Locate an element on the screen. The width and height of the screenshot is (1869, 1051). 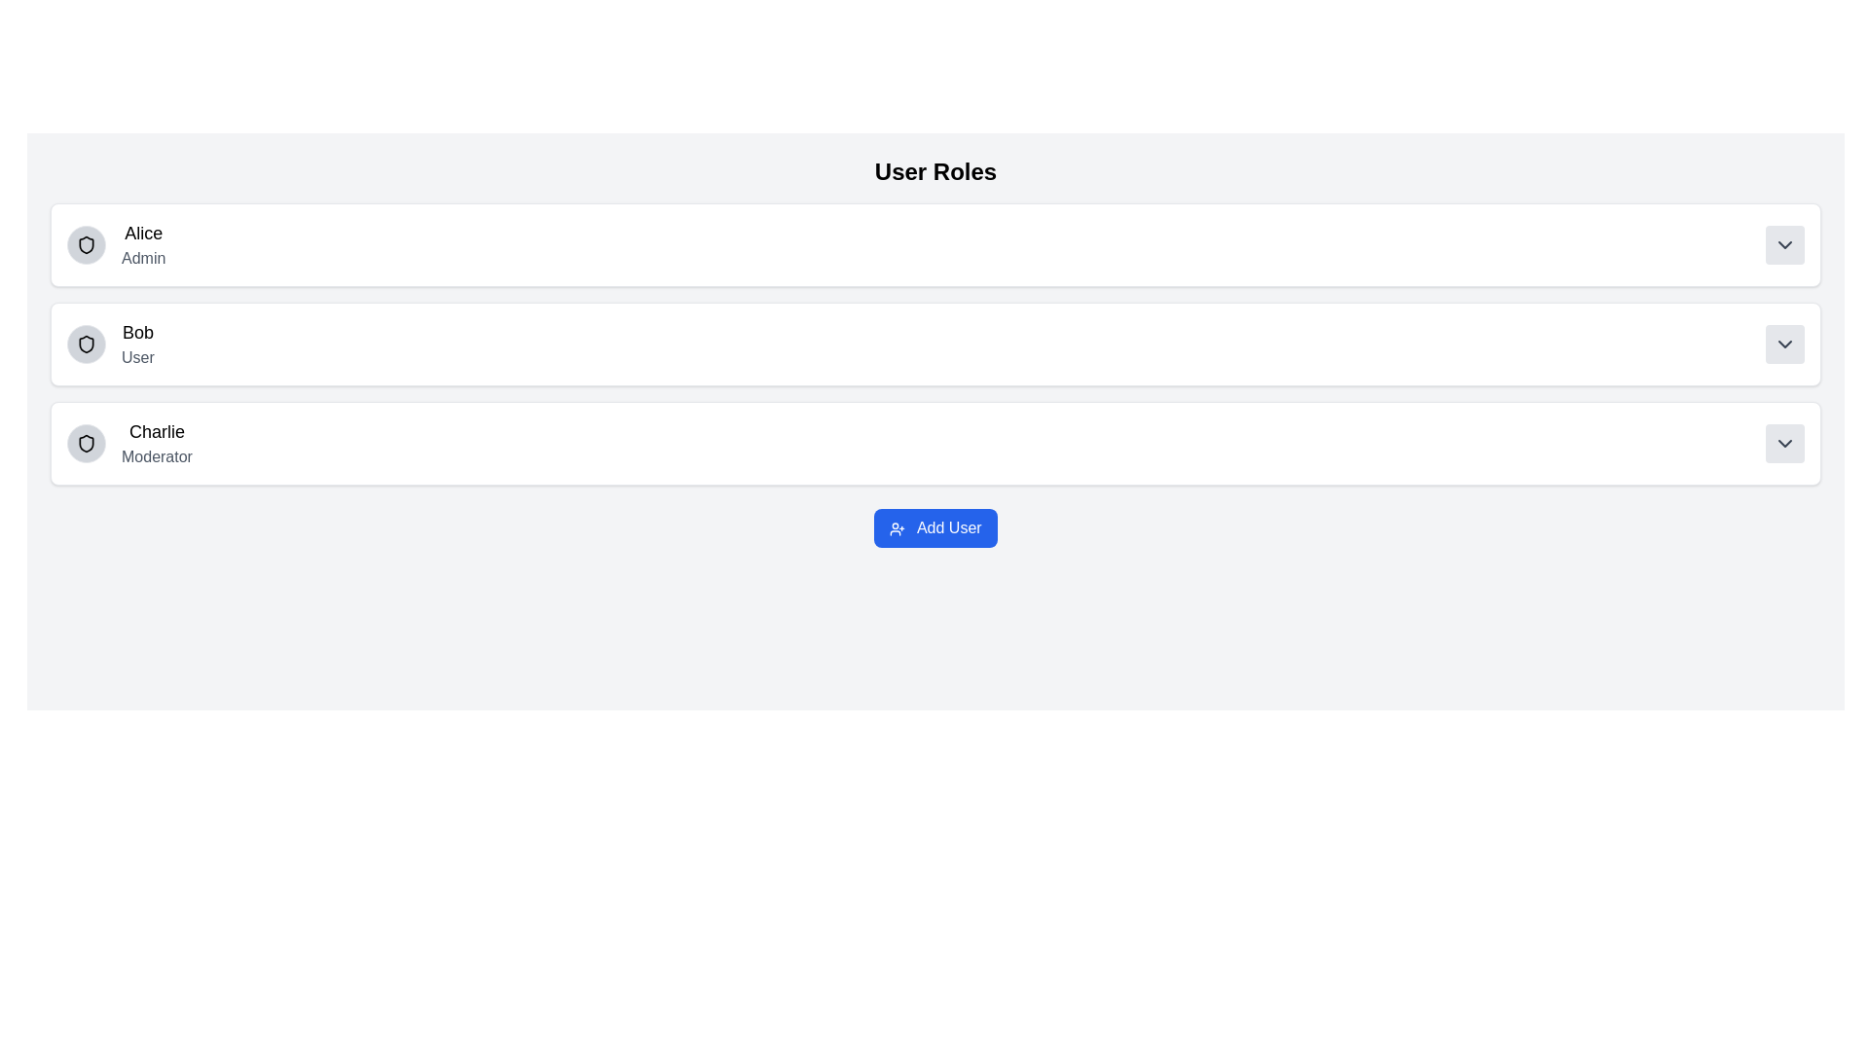
the icon that visually denotes the user role or permission level associated with 'Bob', located in the second row of the user roles list adjacent to 'Bob' and the role 'User' is located at coordinates (86, 344).